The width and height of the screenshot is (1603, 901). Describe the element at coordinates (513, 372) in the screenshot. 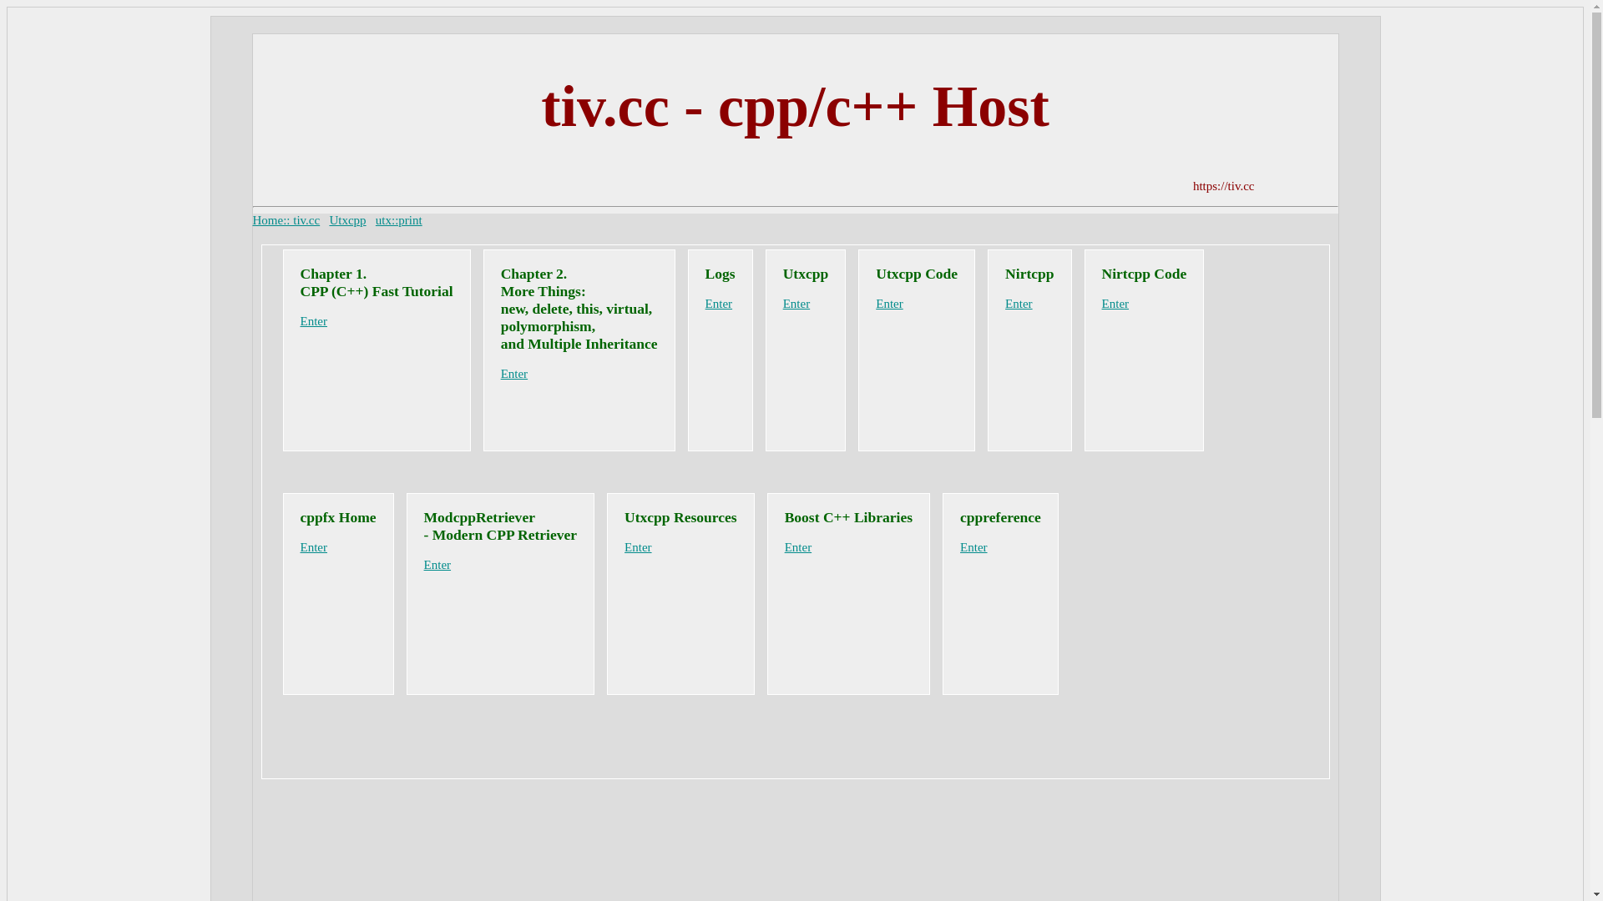

I see `'Enter'` at that location.